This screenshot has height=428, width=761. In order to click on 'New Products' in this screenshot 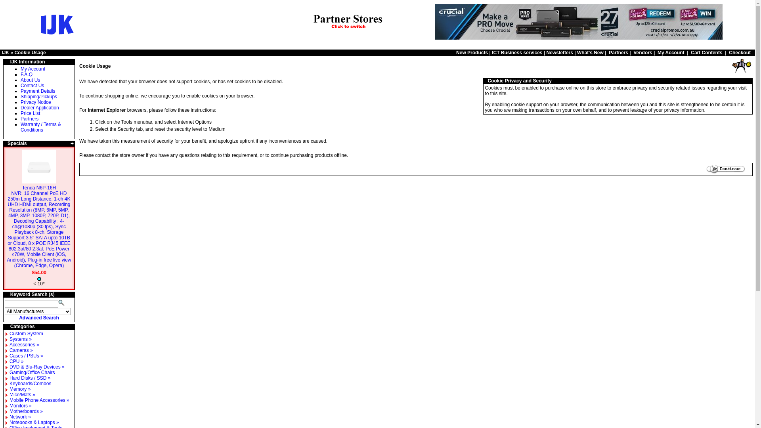, I will do `click(472, 52)`.